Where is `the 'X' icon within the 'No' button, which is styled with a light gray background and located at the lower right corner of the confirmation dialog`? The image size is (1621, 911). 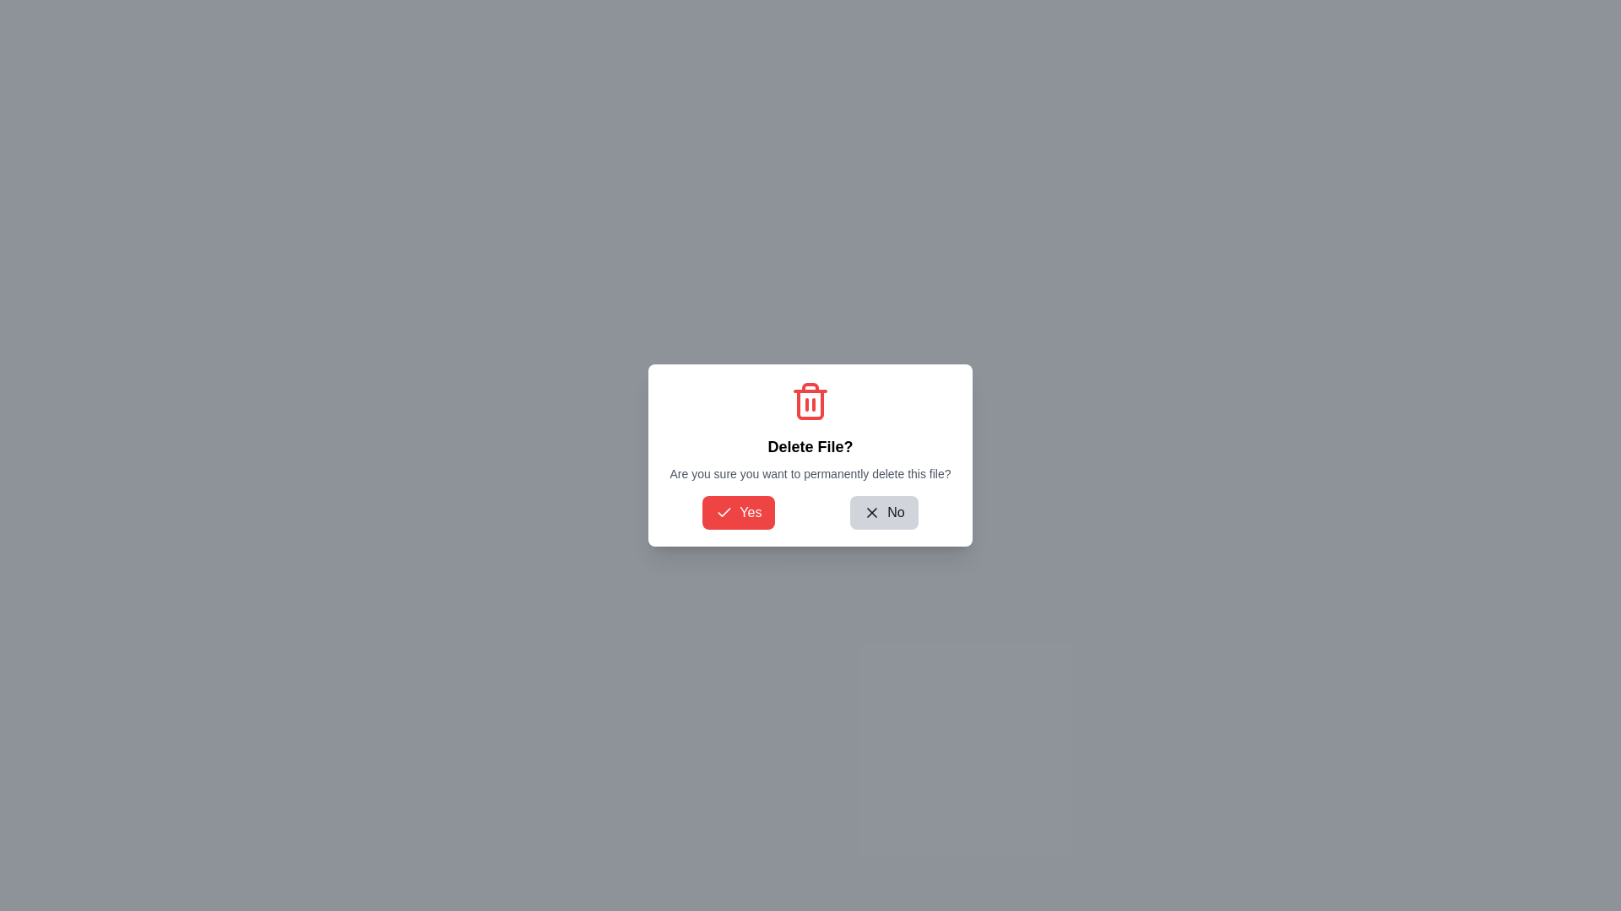 the 'X' icon within the 'No' button, which is styled with a light gray background and located at the lower right corner of the confirmation dialog is located at coordinates (872, 512).